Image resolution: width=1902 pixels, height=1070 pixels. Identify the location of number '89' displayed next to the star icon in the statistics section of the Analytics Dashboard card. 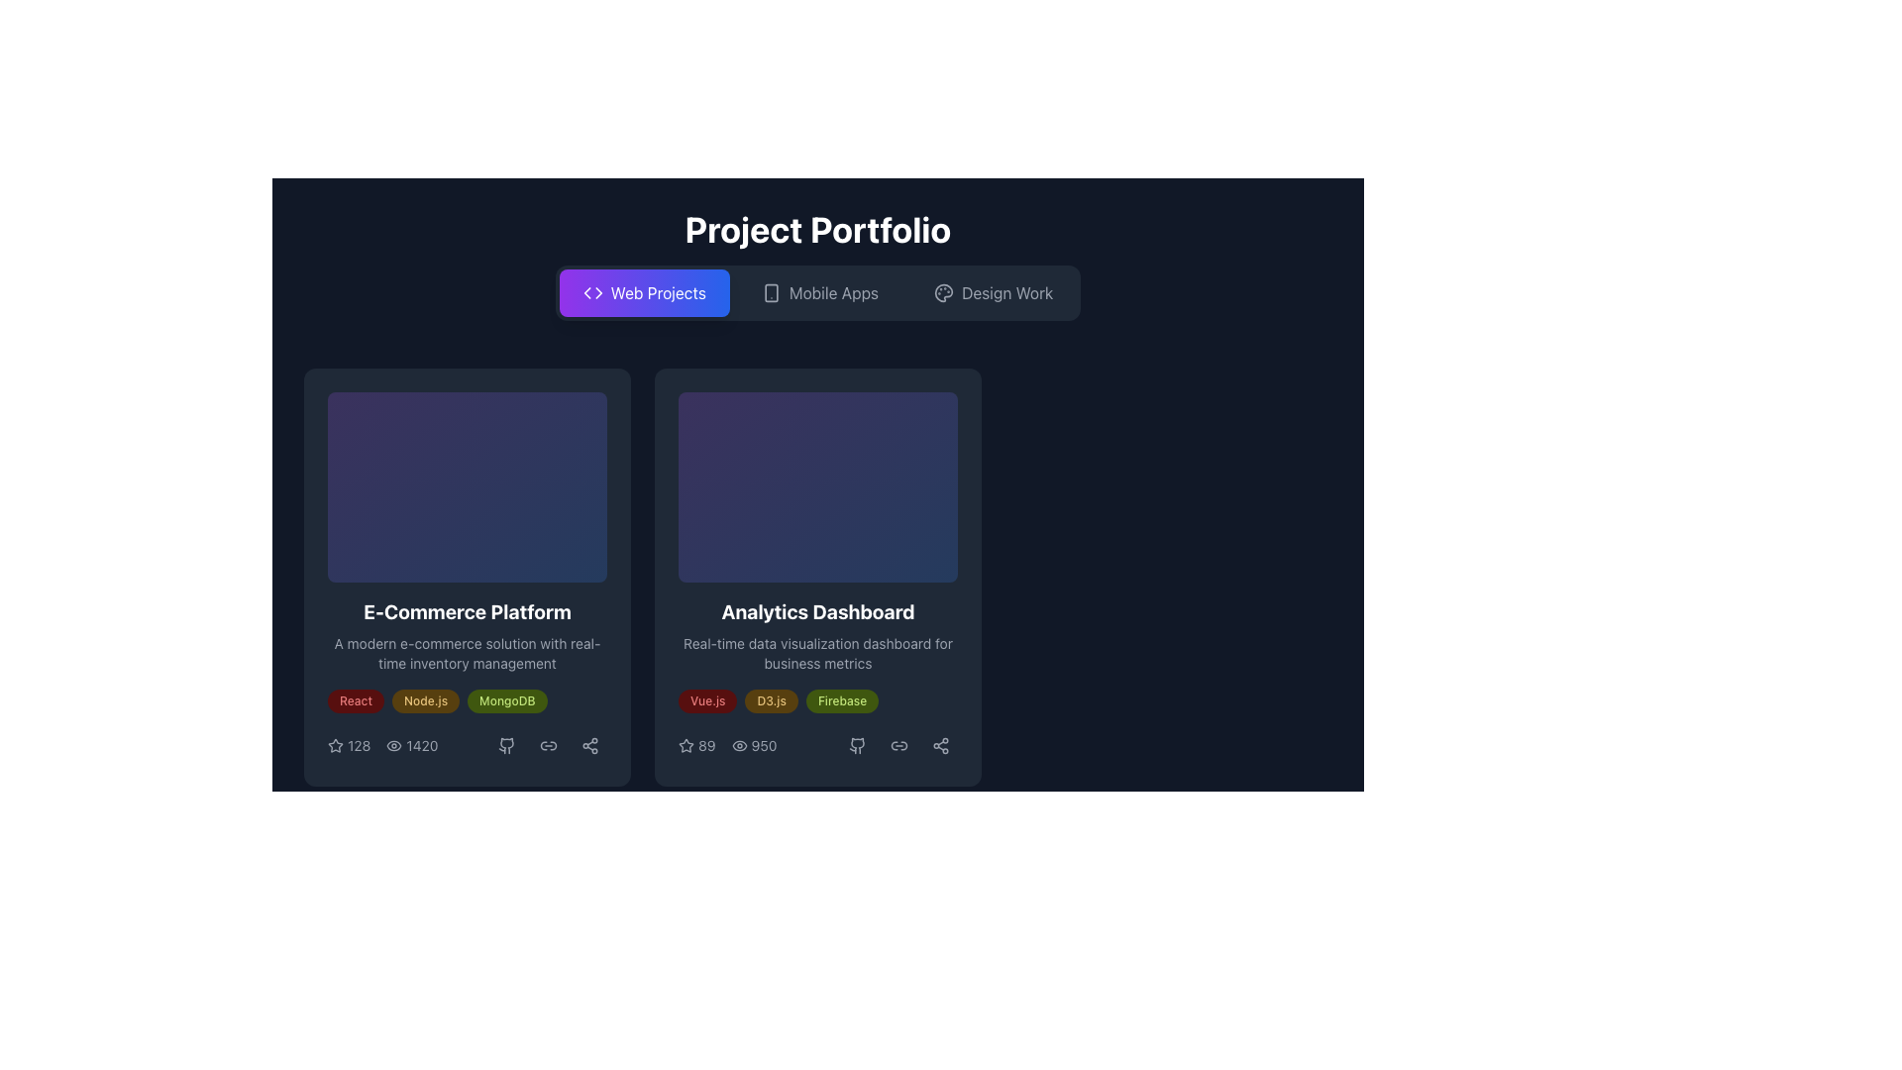
(696, 745).